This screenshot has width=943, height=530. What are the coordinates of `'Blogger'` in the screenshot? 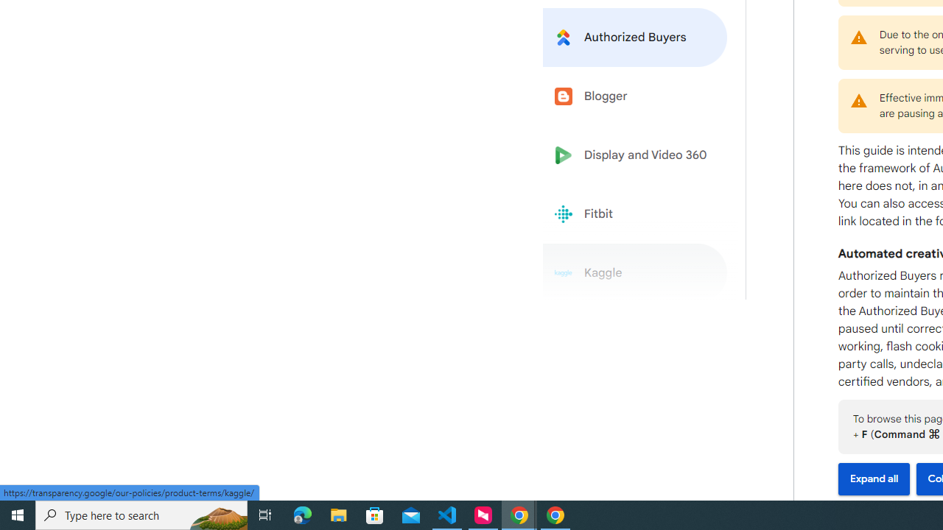 It's located at (635, 96).